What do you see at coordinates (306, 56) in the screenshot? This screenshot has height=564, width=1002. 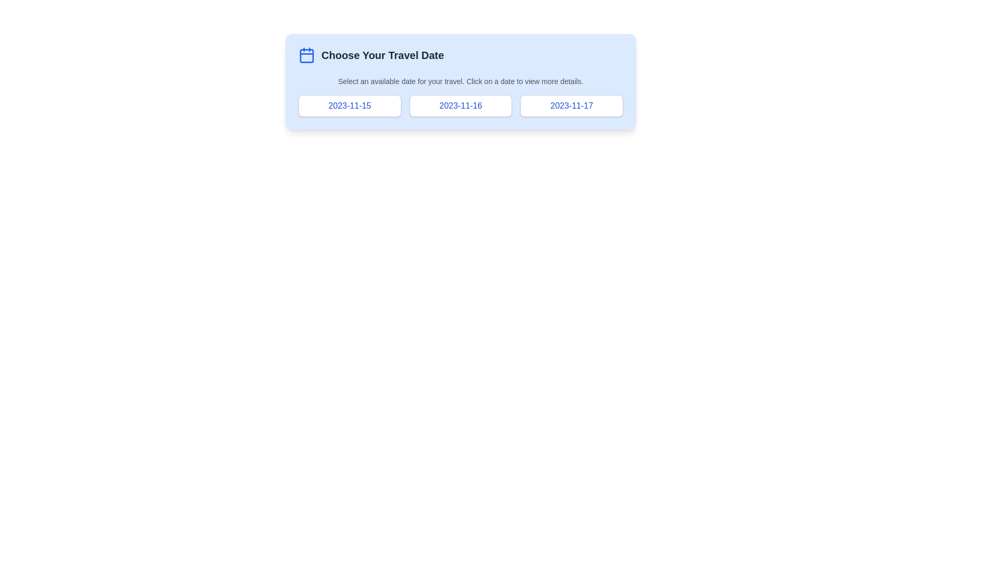 I see `the decorative graphical element of the calendar-style icon located at the top left of the informational card, which is part of the SVG element and positioned next to the 'Choose Your Travel Date' heading` at bounding box center [306, 56].